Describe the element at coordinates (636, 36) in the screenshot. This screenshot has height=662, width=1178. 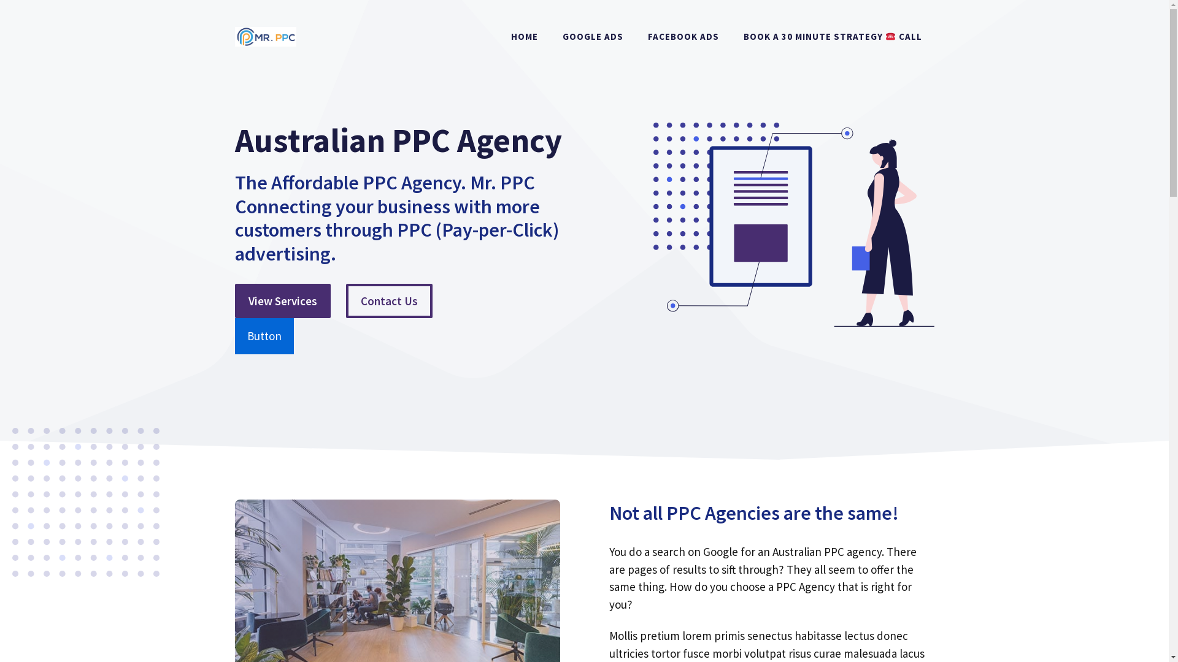
I see `'FACEBOOK ADS'` at that location.